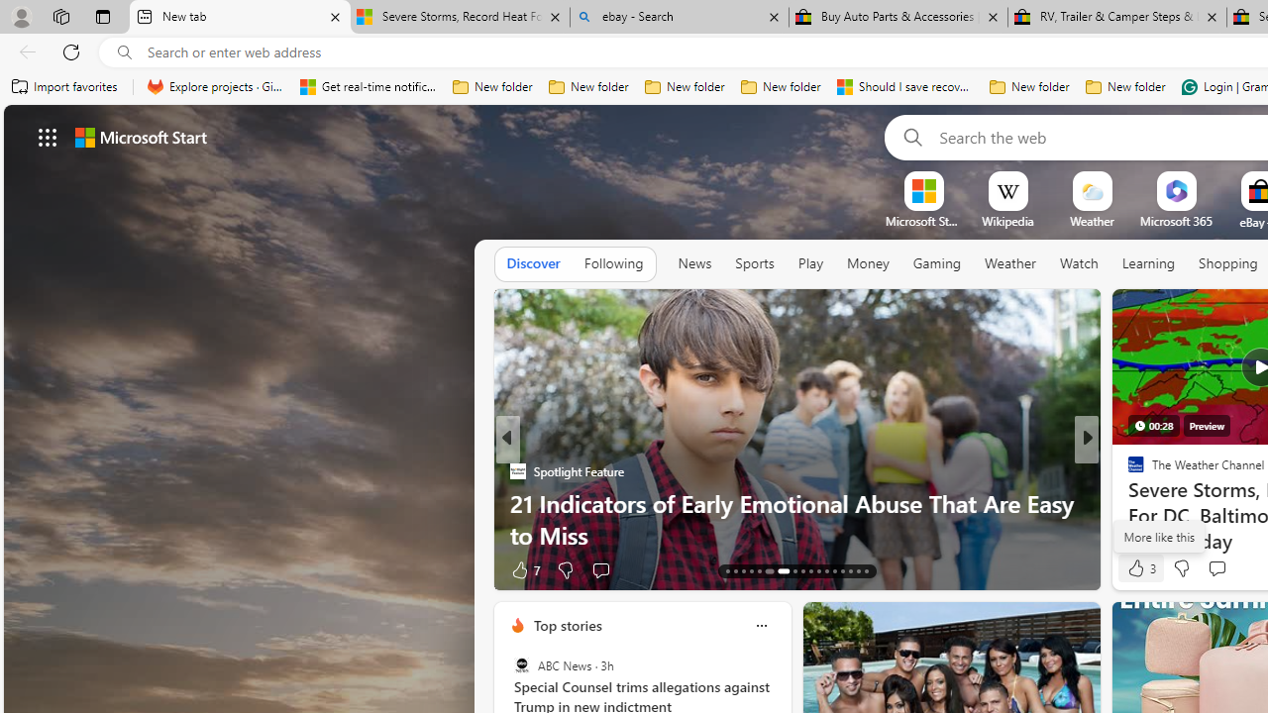 Image resolution: width=1268 pixels, height=713 pixels. Describe the element at coordinates (1140, 568) in the screenshot. I see `'3 Like'` at that location.